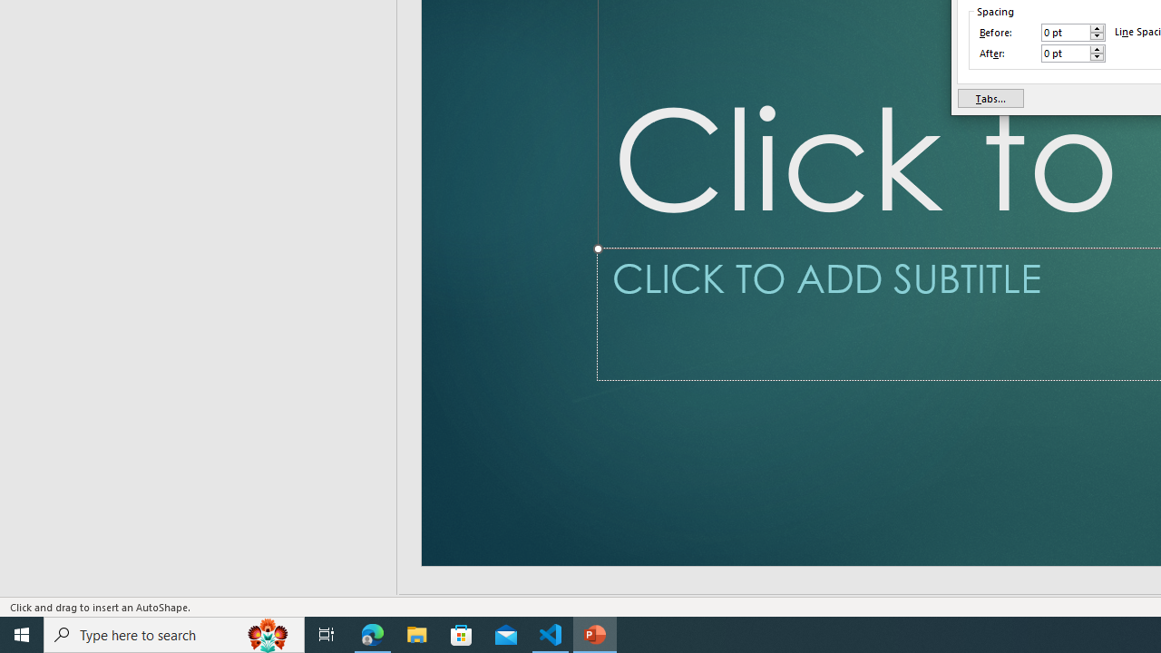 The width and height of the screenshot is (1161, 653). What do you see at coordinates (1066, 33) in the screenshot?
I see `'Before'` at bounding box center [1066, 33].